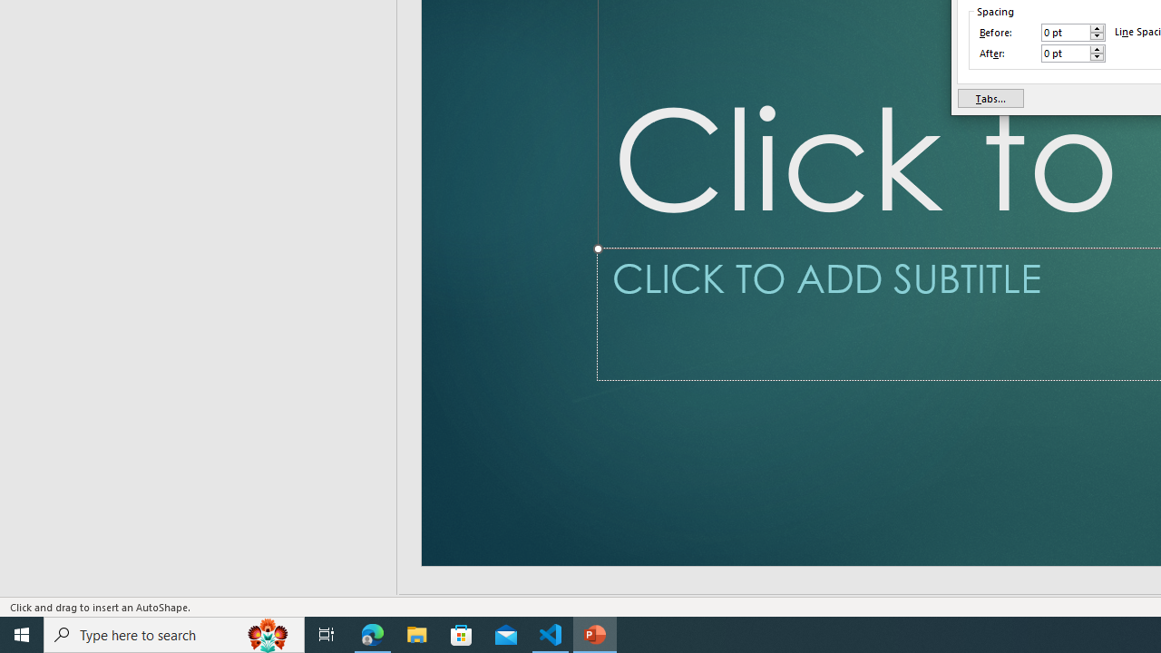 The width and height of the screenshot is (1161, 653). What do you see at coordinates (1066, 33) in the screenshot?
I see `'Before'` at bounding box center [1066, 33].